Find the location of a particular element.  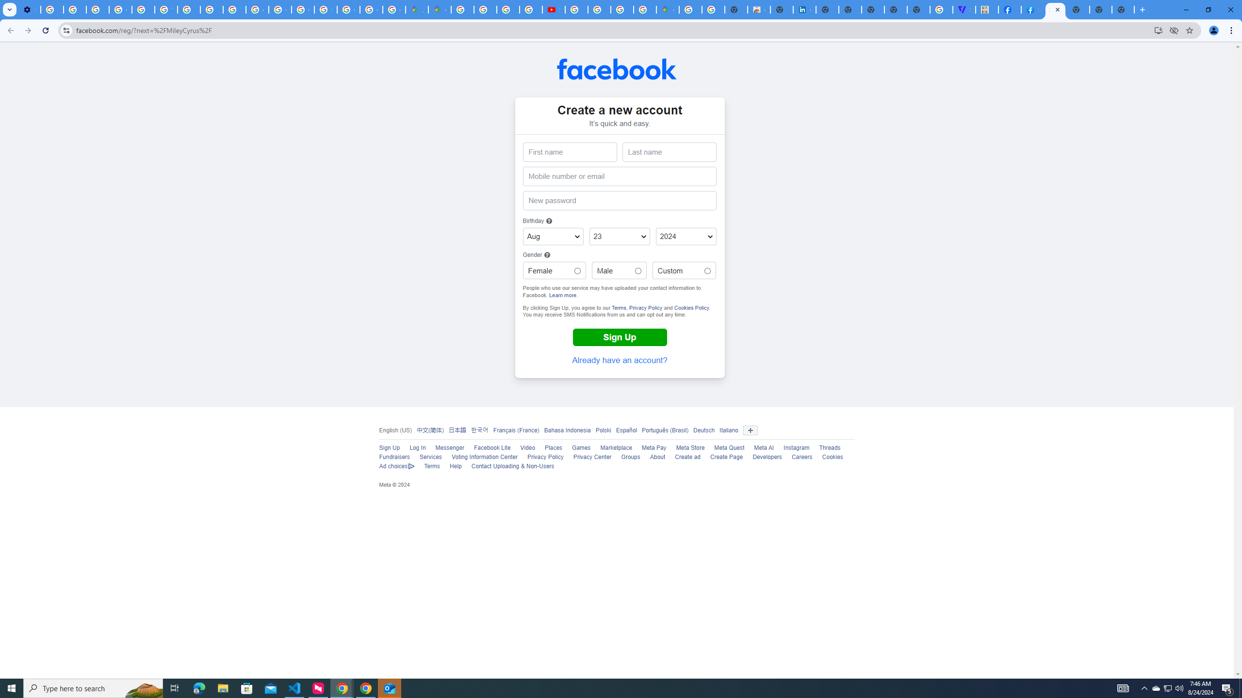

'How Chrome protects your passwords - Google Chrome Help' is located at coordinates (577, 9).